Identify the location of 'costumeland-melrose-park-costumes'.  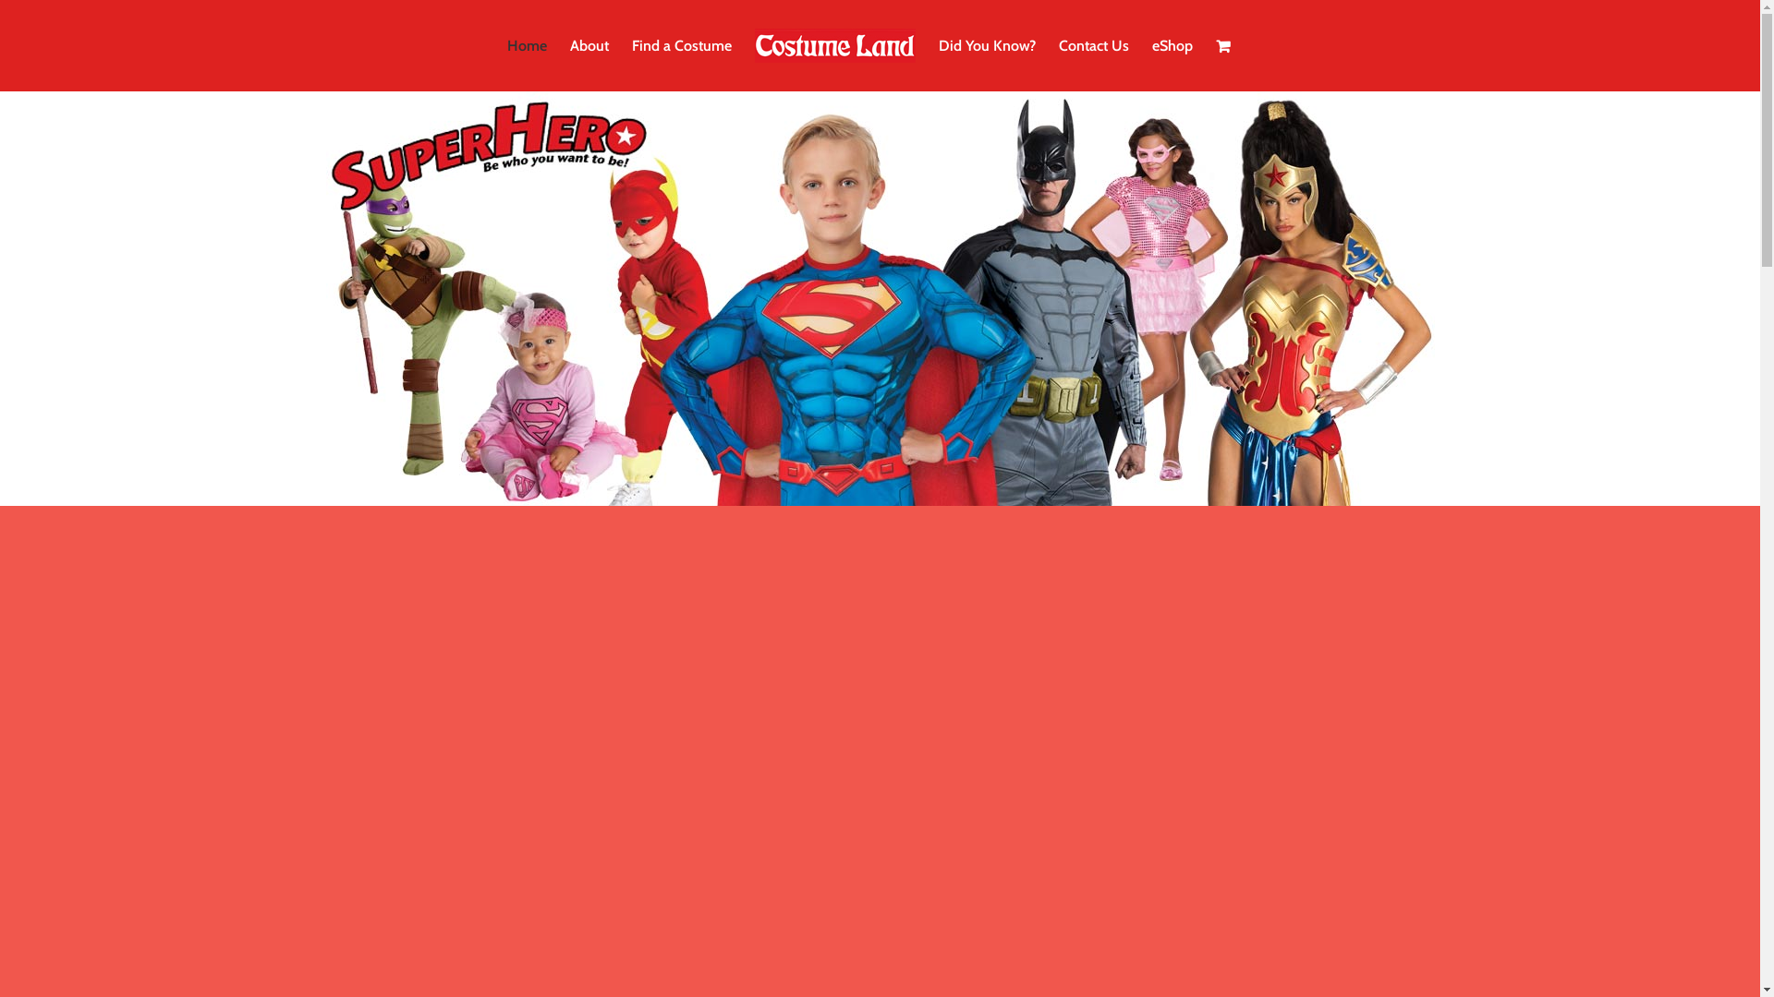
(878, 297).